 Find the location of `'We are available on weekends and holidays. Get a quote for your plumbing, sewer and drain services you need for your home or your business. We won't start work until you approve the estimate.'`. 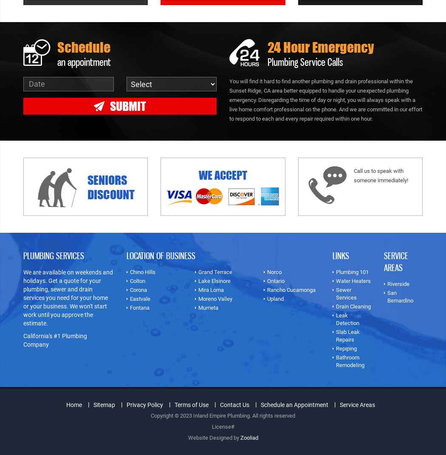

'We are available on weekends and holidays. Get a quote for your plumbing, sewer and drain services you need for your home or your business. We won't start work until you approve the estimate.' is located at coordinates (68, 297).